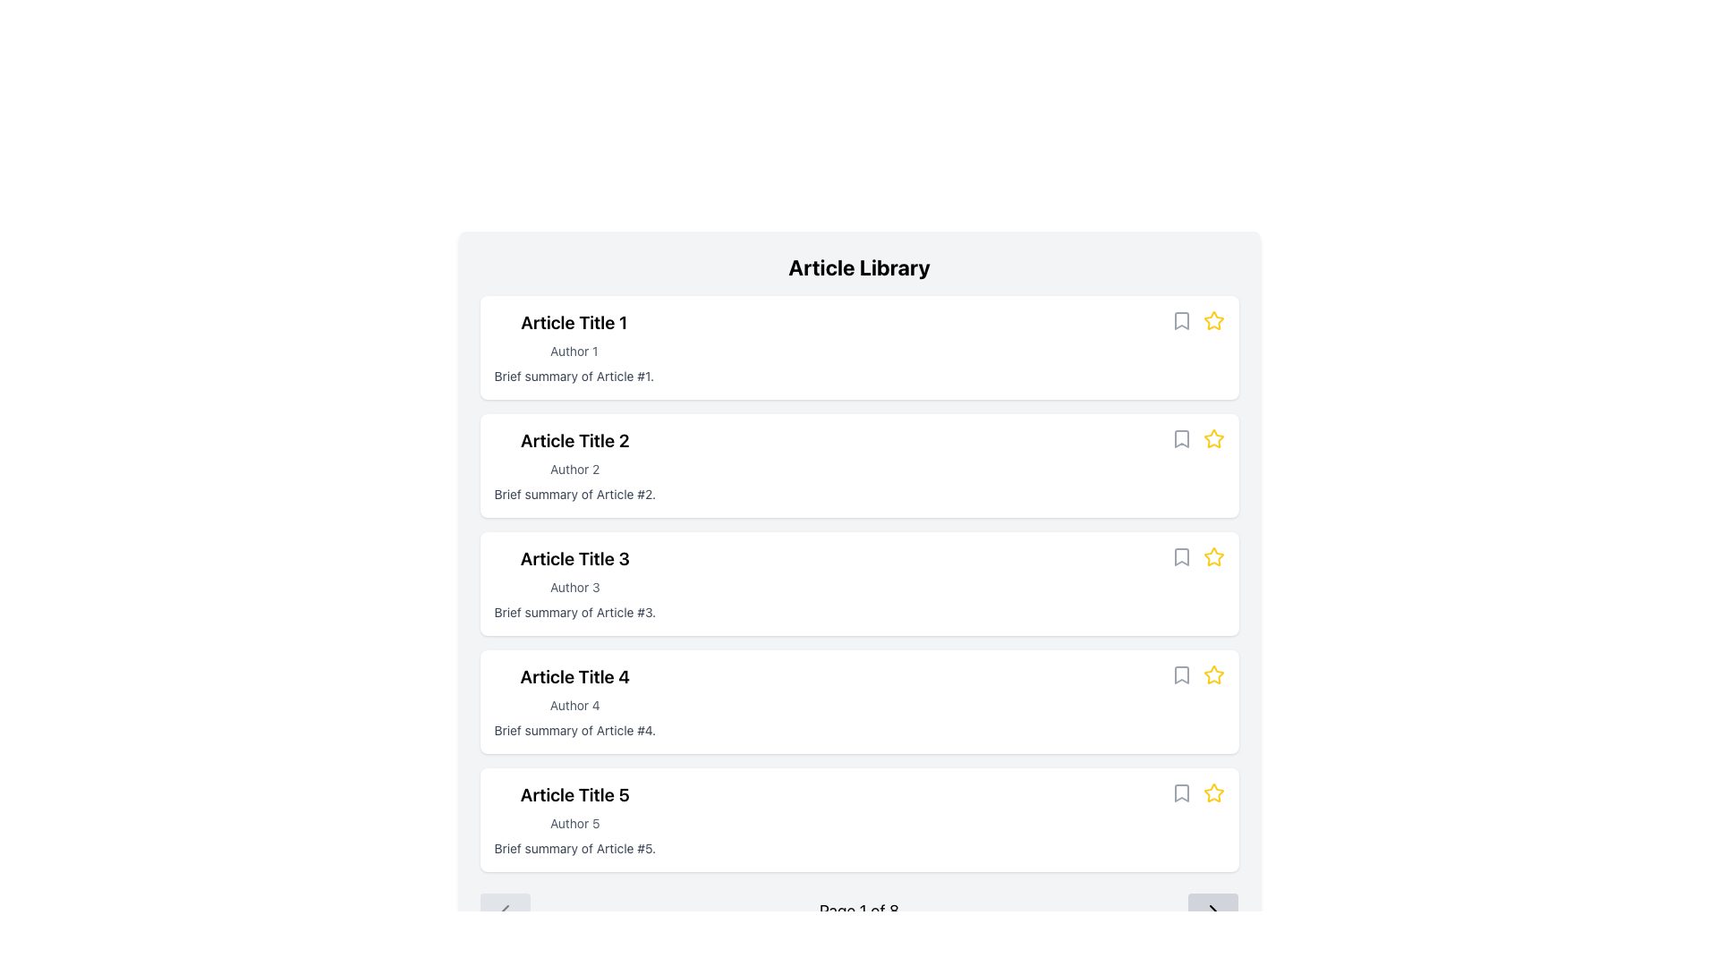  What do you see at coordinates (1181, 675) in the screenshot?
I see `the gray bookmark icon located to the right of 'Article Title 4', adjacent to the star icon` at bounding box center [1181, 675].